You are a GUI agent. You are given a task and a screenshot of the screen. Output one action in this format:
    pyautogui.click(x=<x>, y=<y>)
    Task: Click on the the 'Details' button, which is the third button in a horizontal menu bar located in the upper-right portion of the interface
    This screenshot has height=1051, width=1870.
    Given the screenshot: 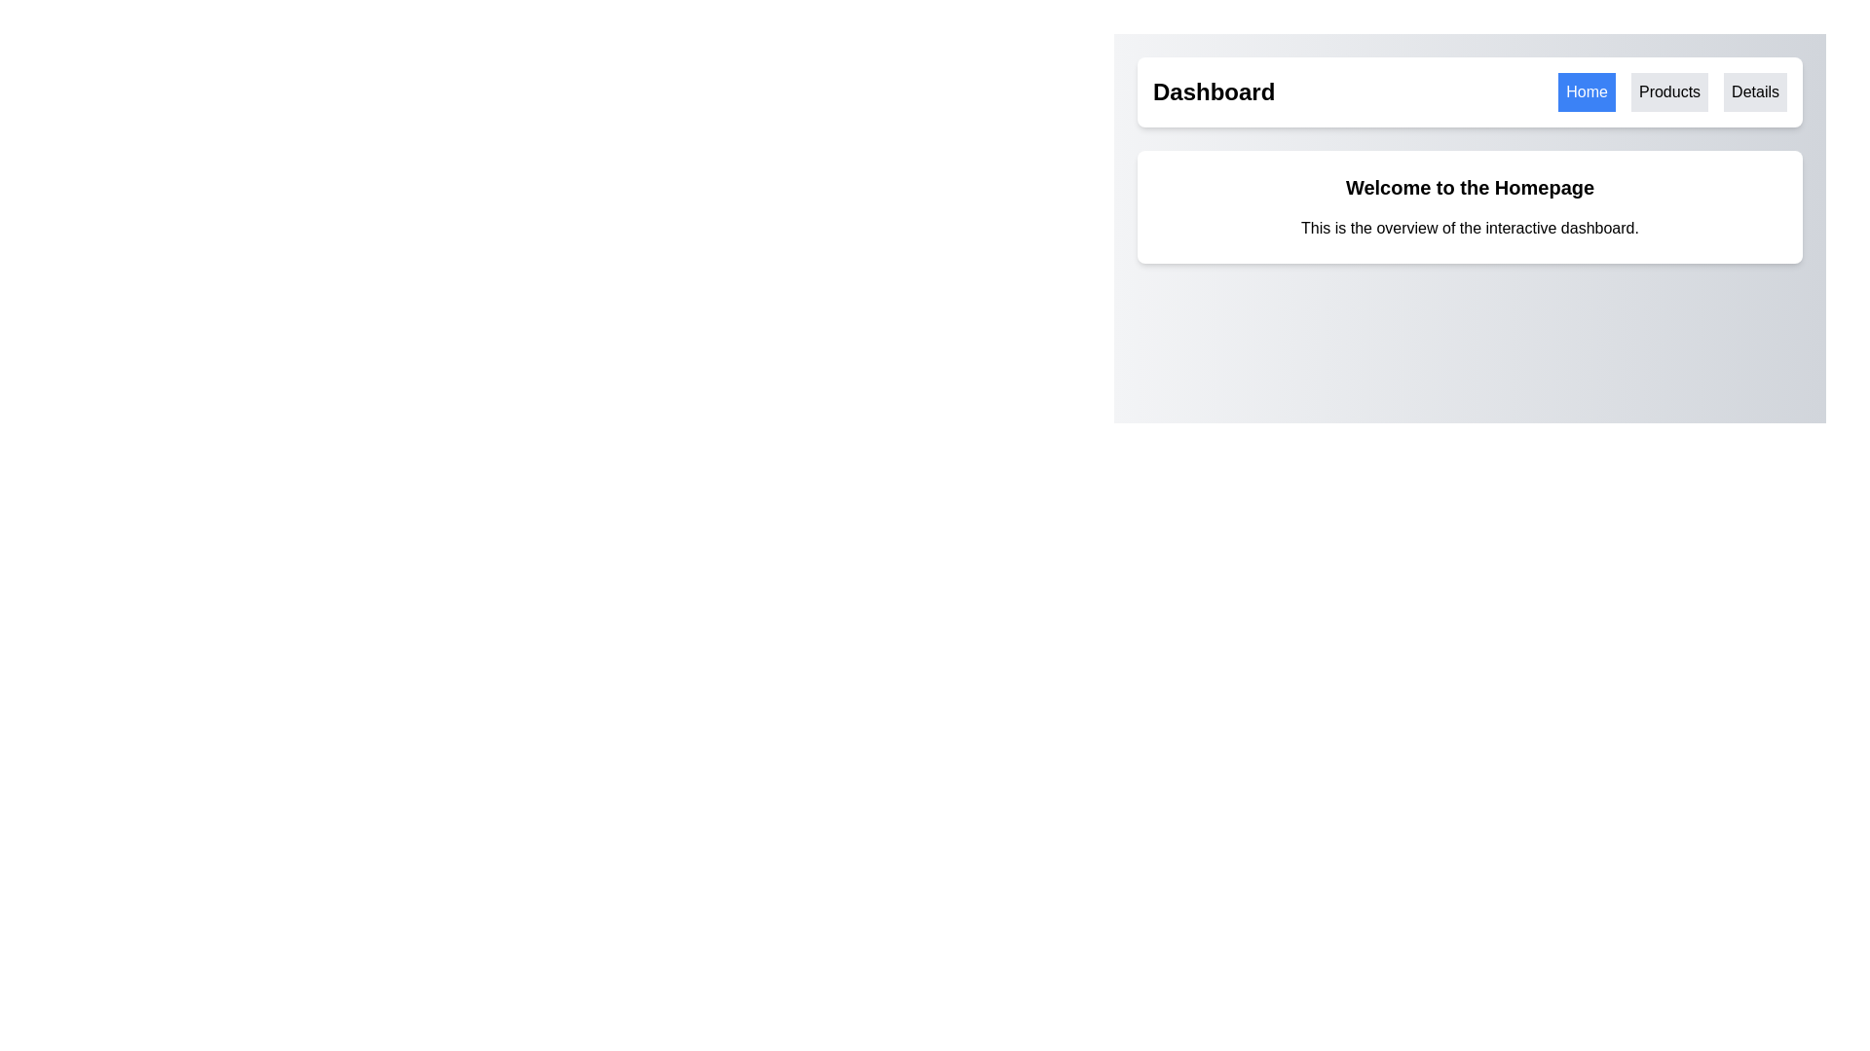 What is the action you would take?
    pyautogui.click(x=1755, y=92)
    